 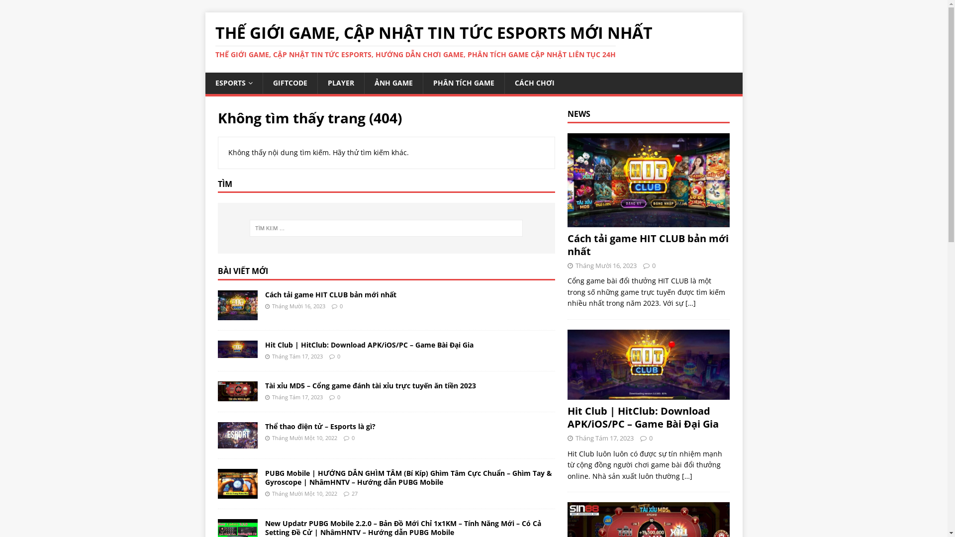 I want to click on '27', so click(x=354, y=493).